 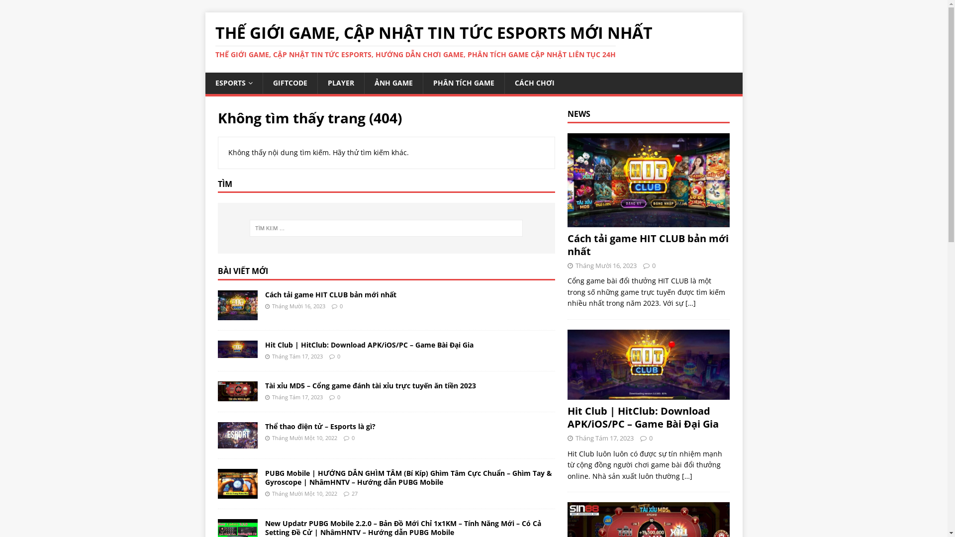 I want to click on '27', so click(x=354, y=493).